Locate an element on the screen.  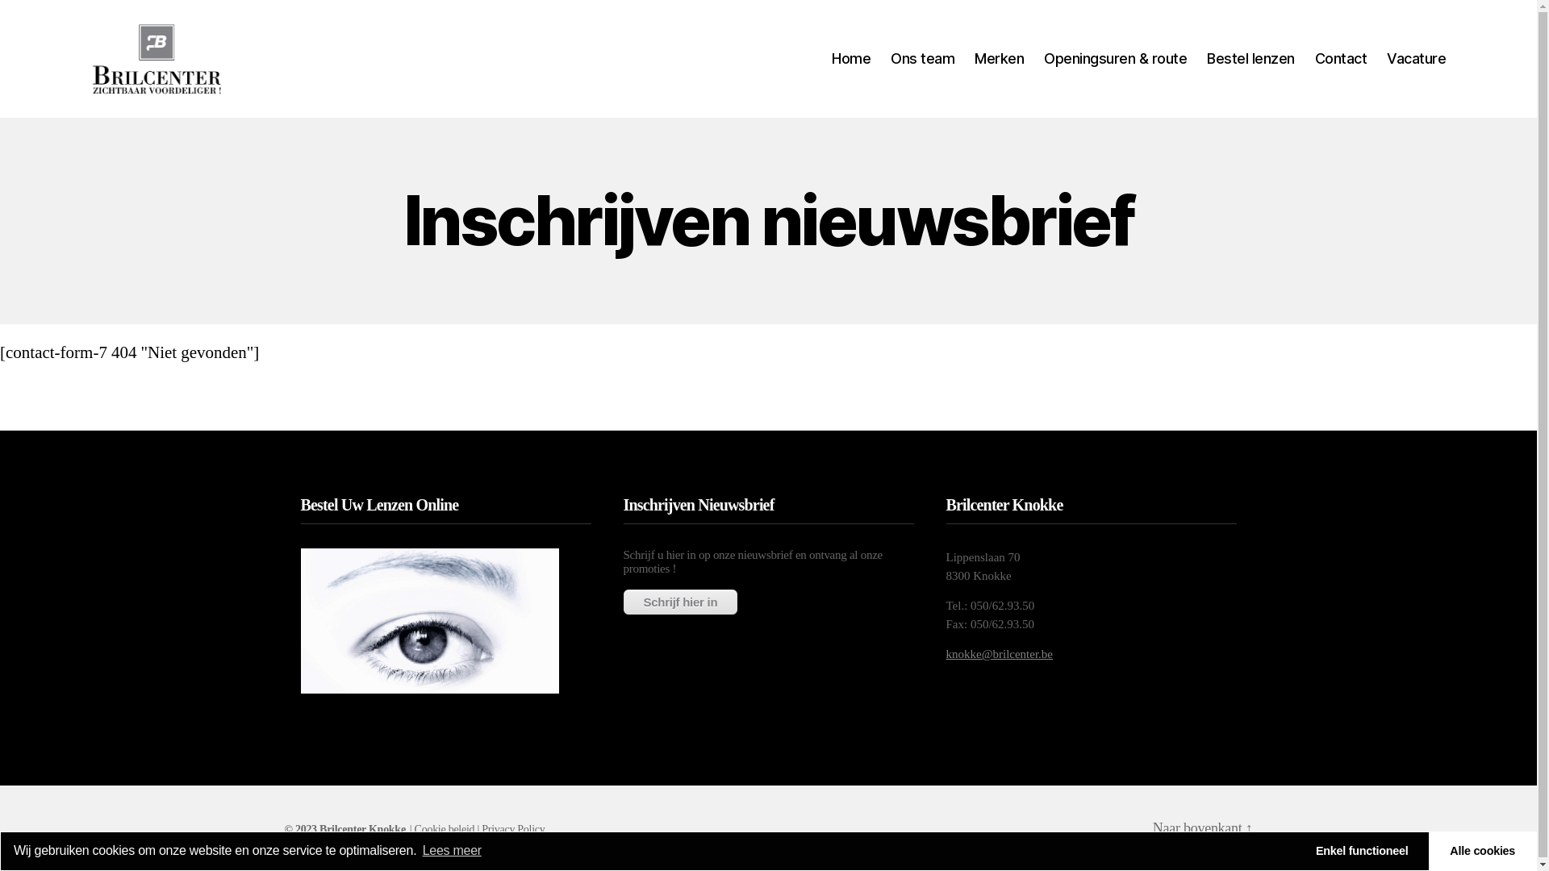
'Merken' is located at coordinates (998, 58).